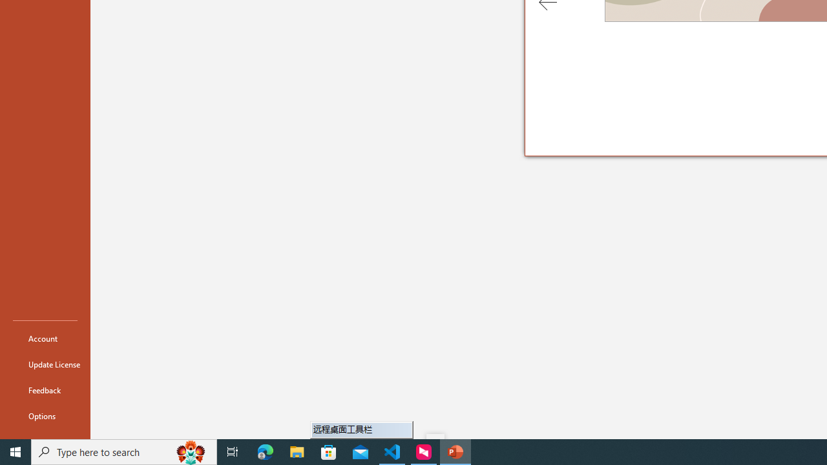  I want to click on 'Account', so click(45, 338).